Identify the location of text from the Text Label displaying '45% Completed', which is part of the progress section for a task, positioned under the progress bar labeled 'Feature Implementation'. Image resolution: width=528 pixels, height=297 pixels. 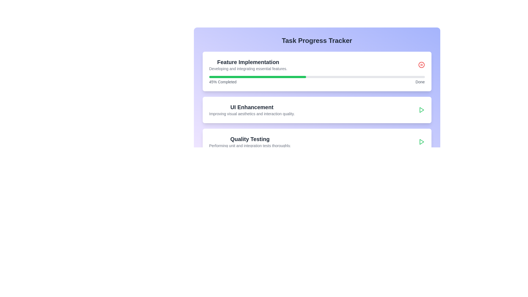
(223, 82).